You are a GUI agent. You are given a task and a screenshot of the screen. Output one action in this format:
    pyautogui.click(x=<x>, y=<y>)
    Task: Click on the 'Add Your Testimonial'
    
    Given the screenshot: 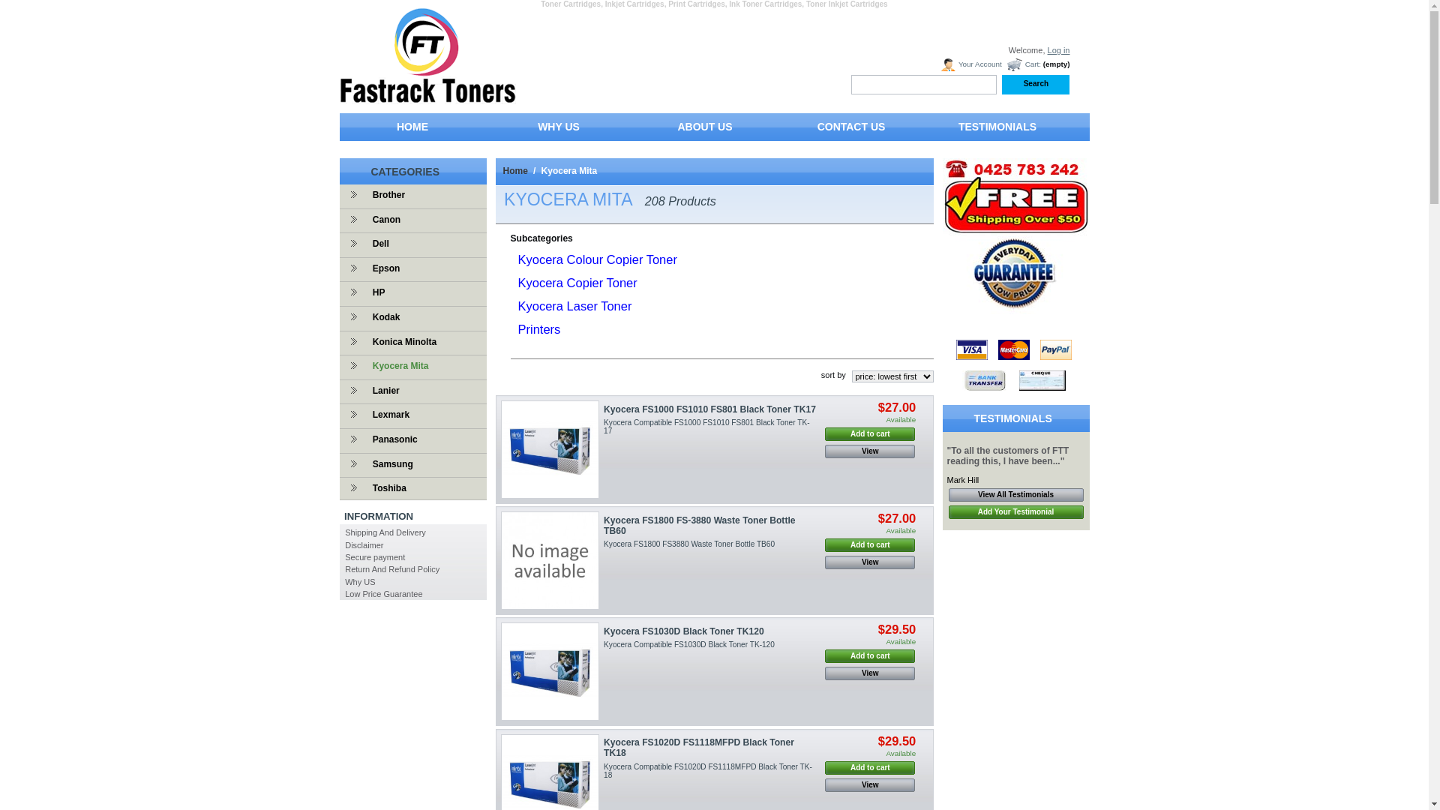 What is the action you would take?
    pyautogui.click(x=946, y=511)
    